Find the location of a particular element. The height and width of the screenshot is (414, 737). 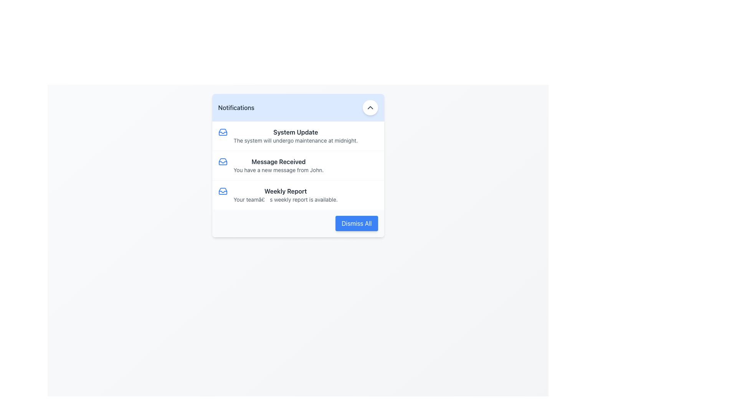

the Text Display that indicates a new message notification from John, located in the notification panel as the second notification from the top is located at coordinates (278, 165).